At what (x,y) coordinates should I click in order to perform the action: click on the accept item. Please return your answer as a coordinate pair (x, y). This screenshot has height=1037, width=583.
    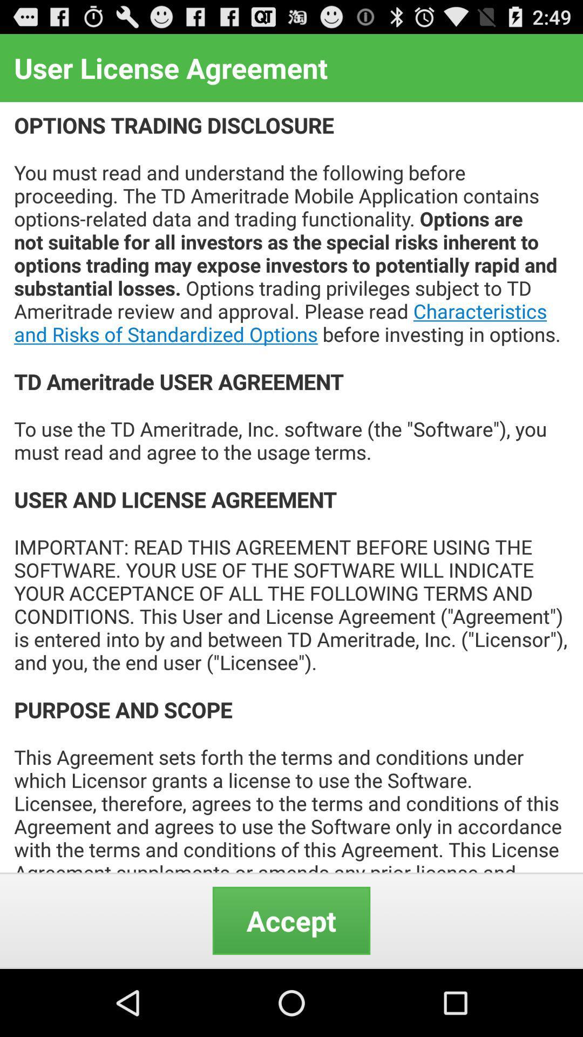
    Looking at the image, I should click on (291, 920).